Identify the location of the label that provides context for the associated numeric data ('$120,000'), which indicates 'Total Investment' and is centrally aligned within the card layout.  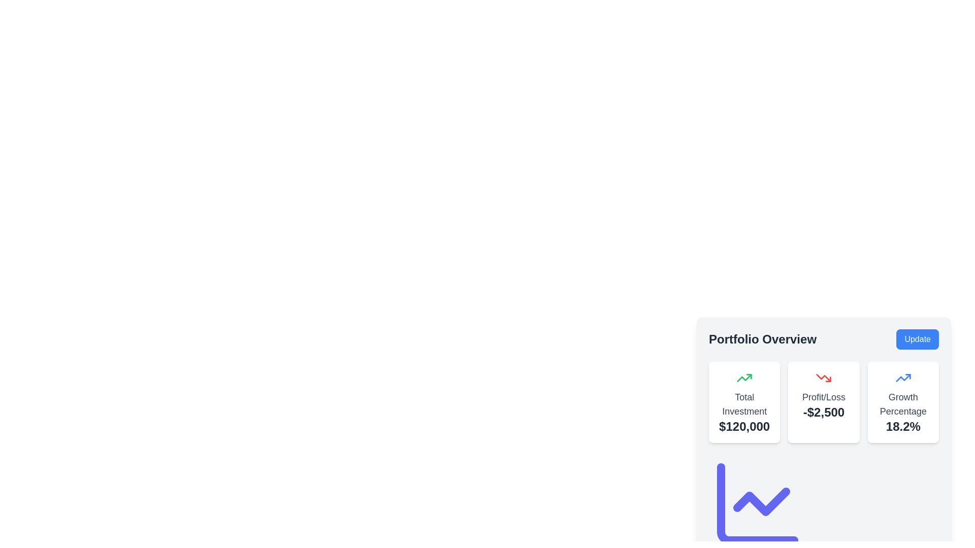
(744, 404).